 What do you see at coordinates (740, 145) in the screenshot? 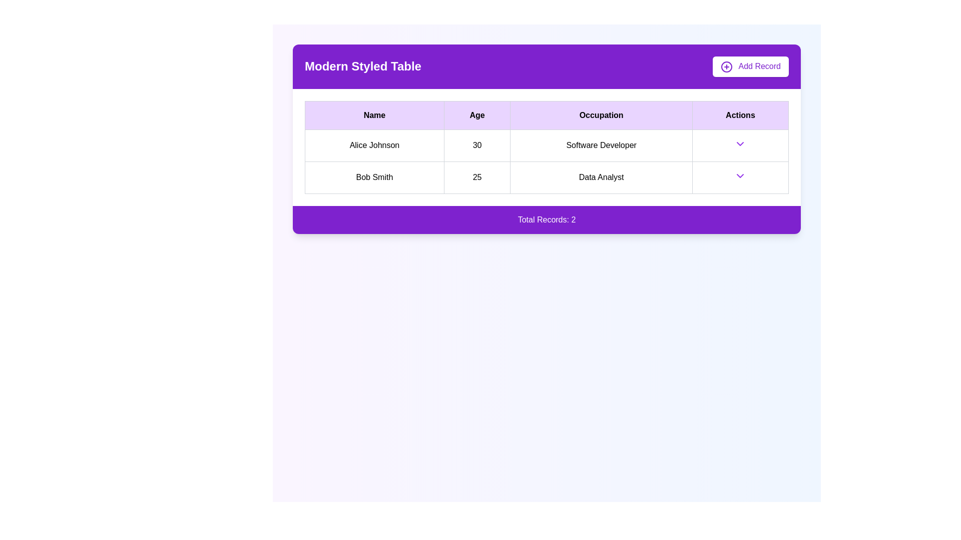
I see `the small purple arrow dropdown toggle located in the 'Actions' column of the row for 'Alice Johnson'` at bounding box center [740, 145].